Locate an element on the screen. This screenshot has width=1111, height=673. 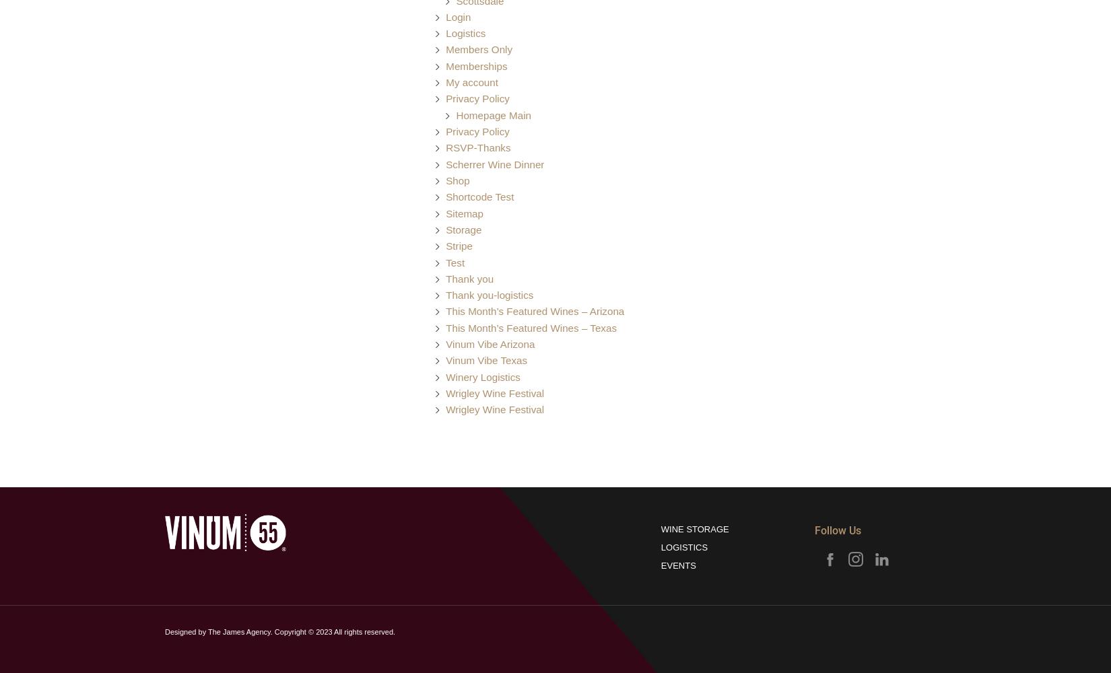
'Vinum Vibe Texas' is located at coordinates (485, 360).